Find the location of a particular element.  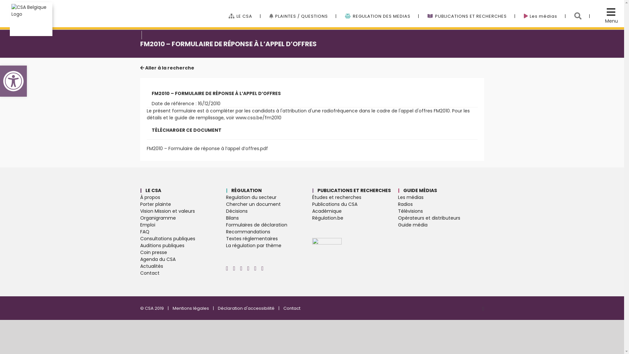

'Chercher un document' is located at coordinates (269, 204).